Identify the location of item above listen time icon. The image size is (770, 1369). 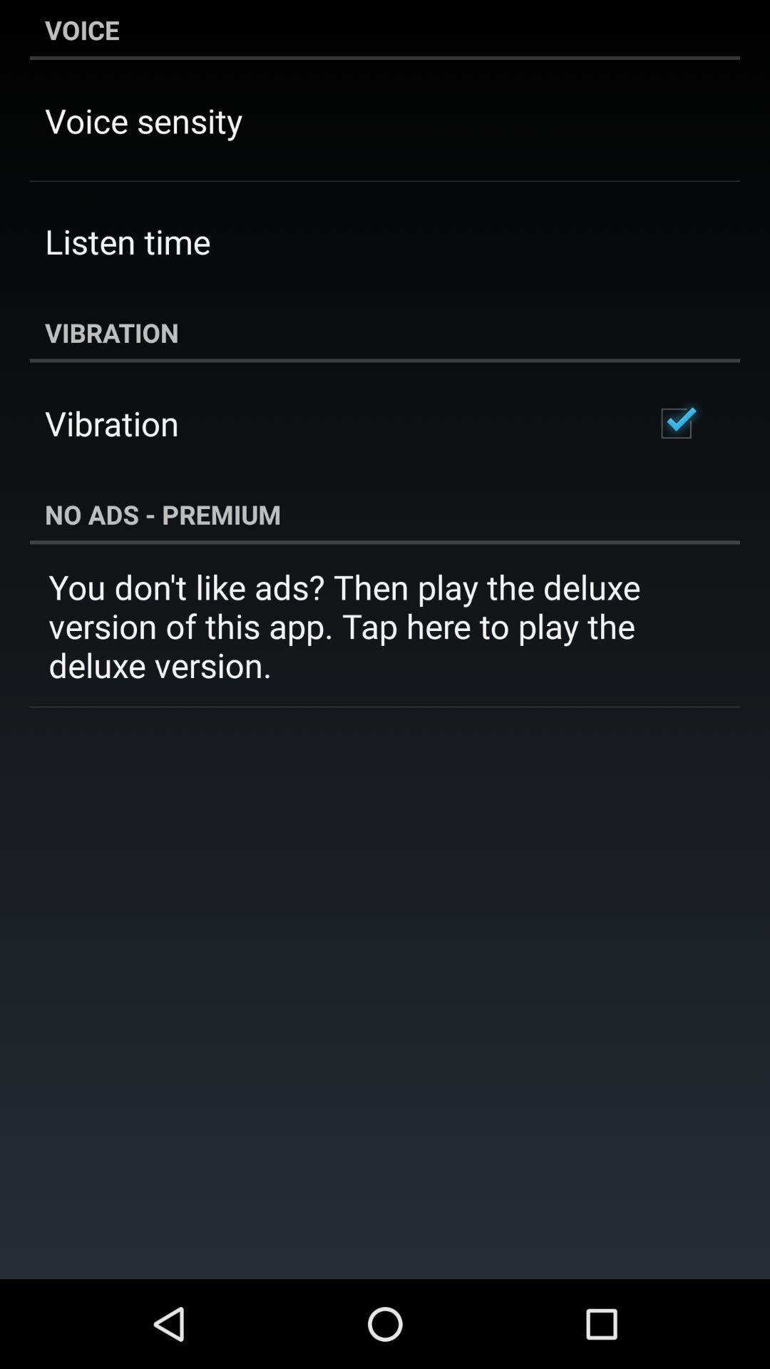
(143, 121).